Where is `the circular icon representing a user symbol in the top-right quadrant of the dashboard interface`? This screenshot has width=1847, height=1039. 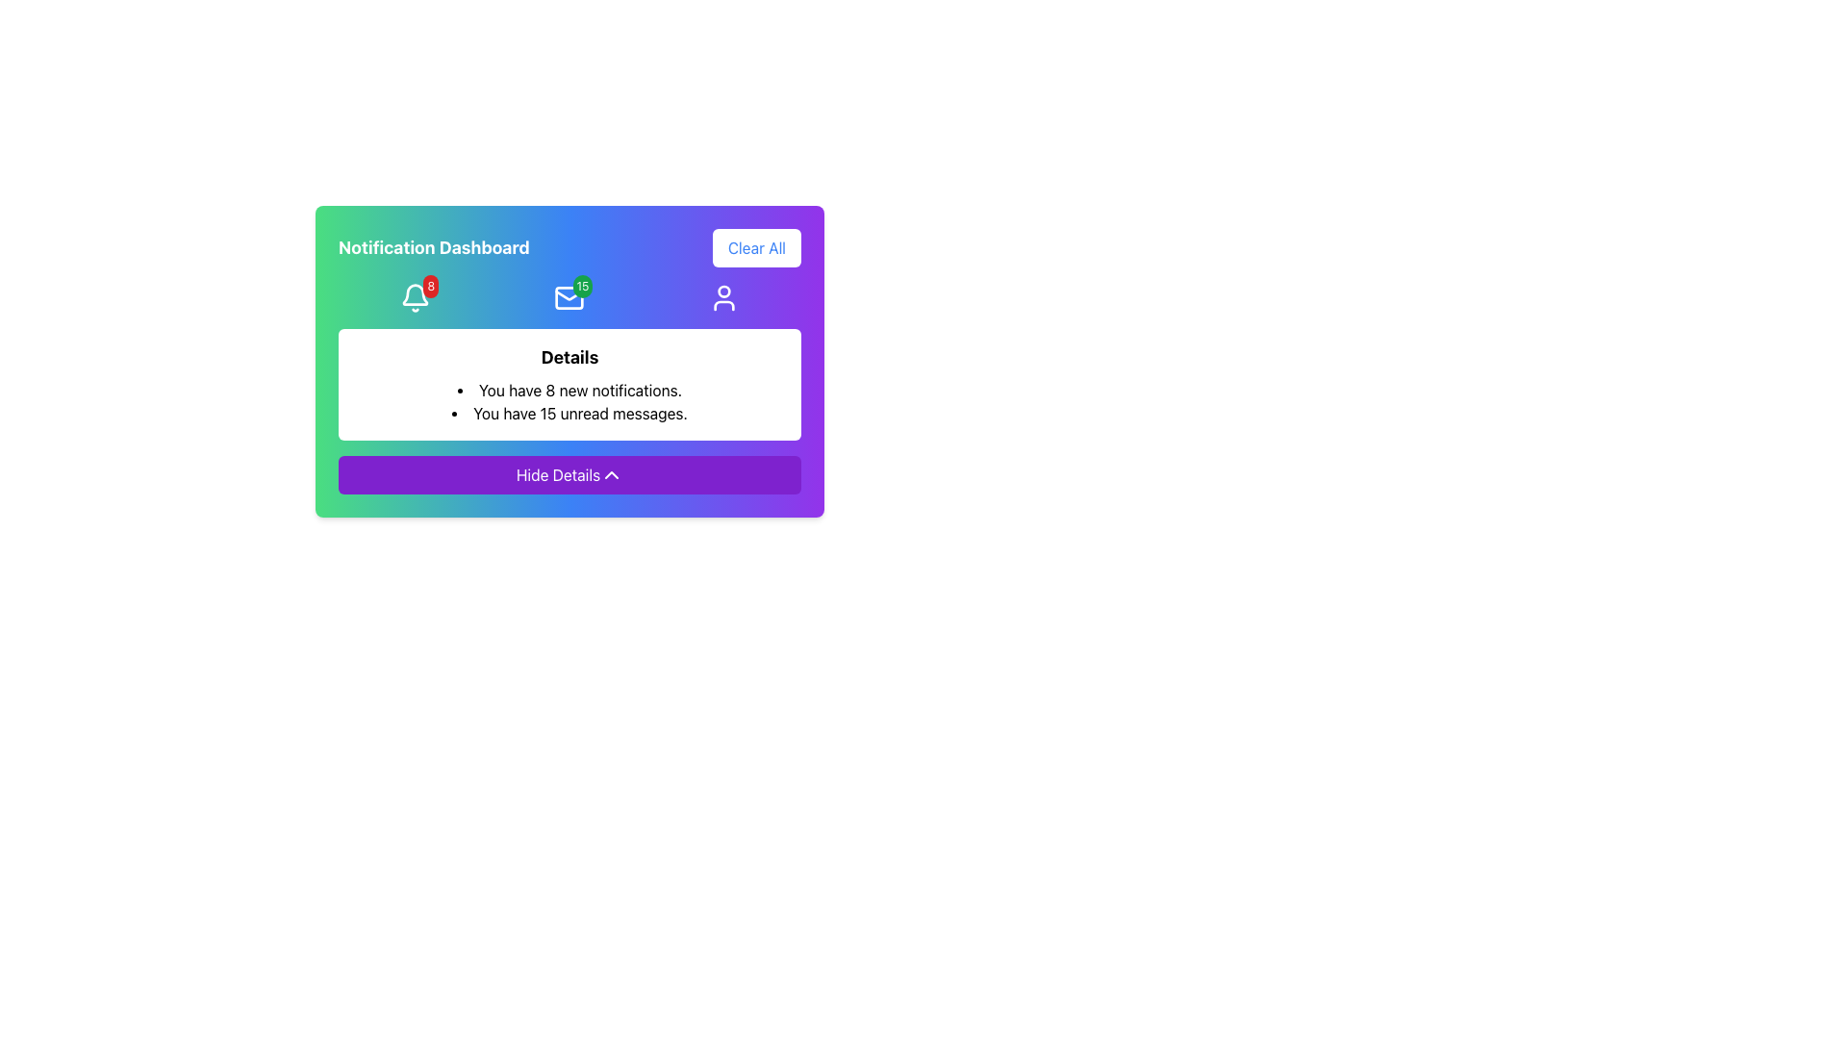
the circular icon representing a user symbol in the top-right quadrant of the dashboard interface is located at coordinates (722, 291).